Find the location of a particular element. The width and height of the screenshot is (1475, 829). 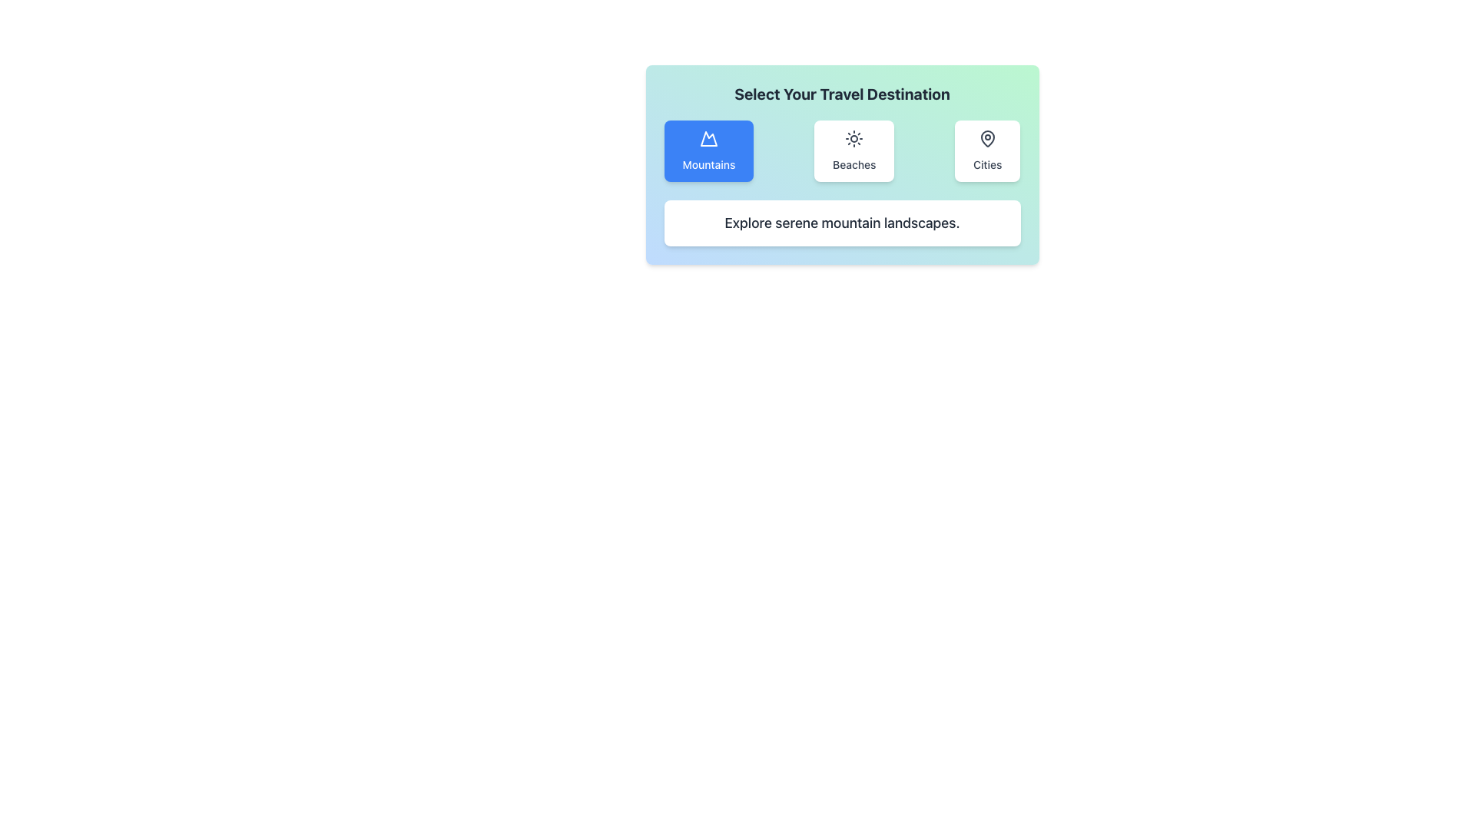

the 'Cities' selection button, which is the third button in a horizontal layout of three options is located at coordinates (987, 150).